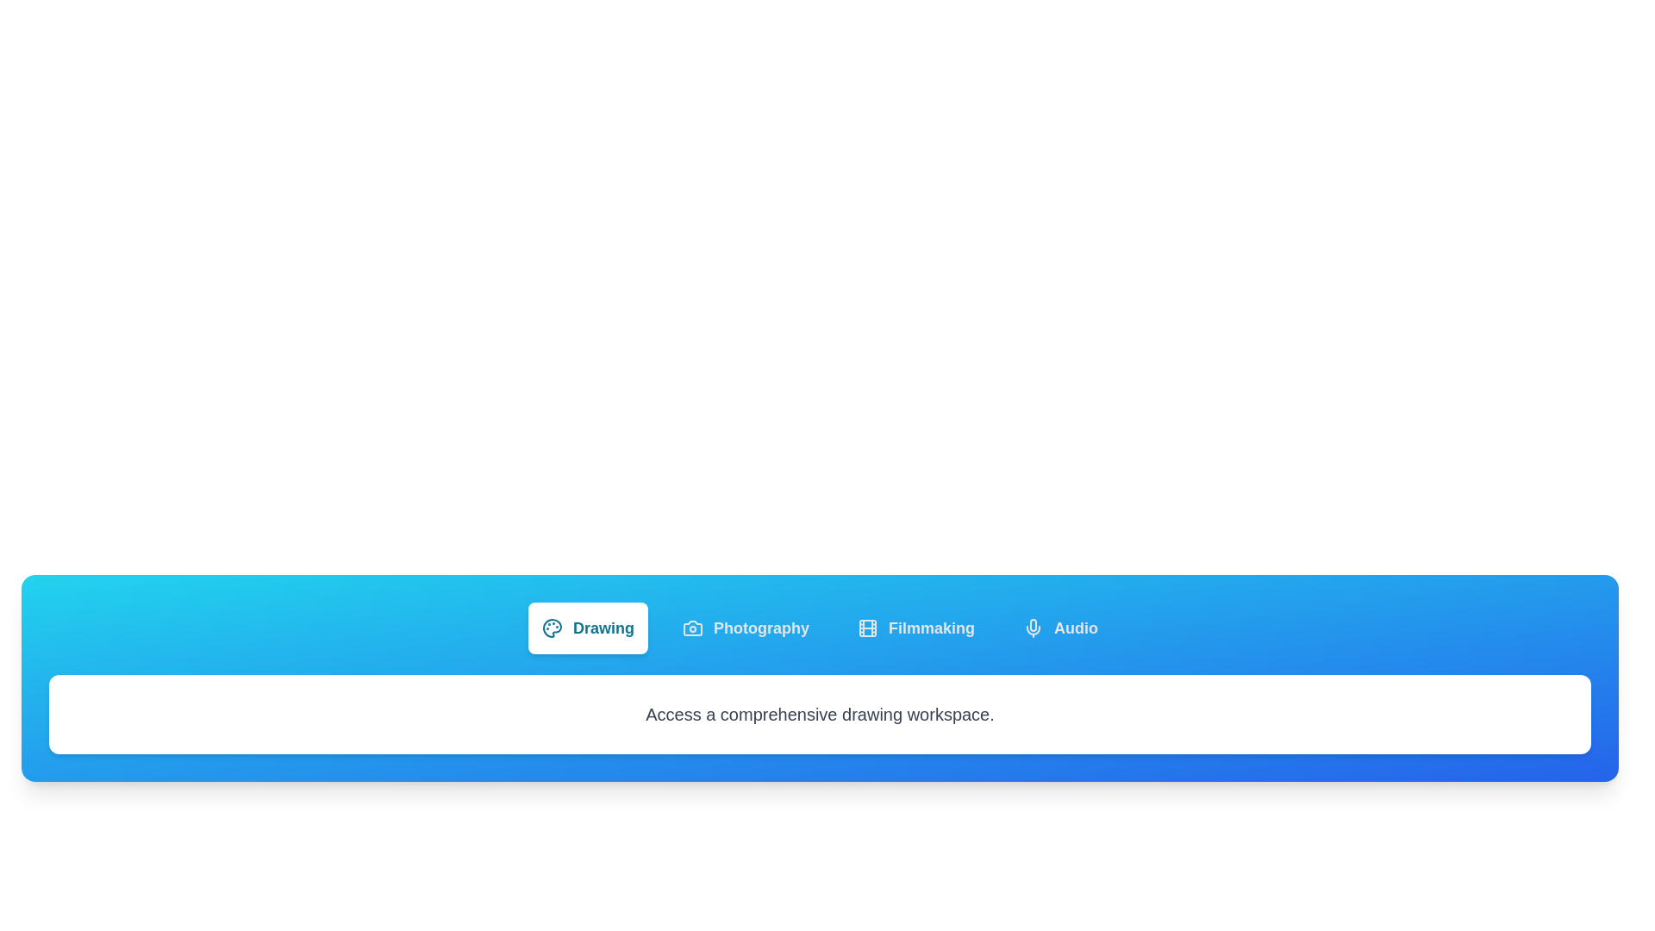  What do you see at coordinates (588, 628) in the screenshot?
I see `the Drawing tab` at bounding box center [588, 628].